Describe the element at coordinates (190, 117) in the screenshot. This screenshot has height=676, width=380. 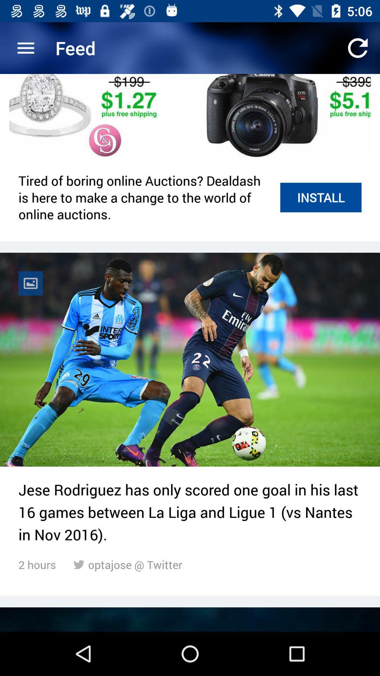
I see `the item above tired of boring item` at that location.